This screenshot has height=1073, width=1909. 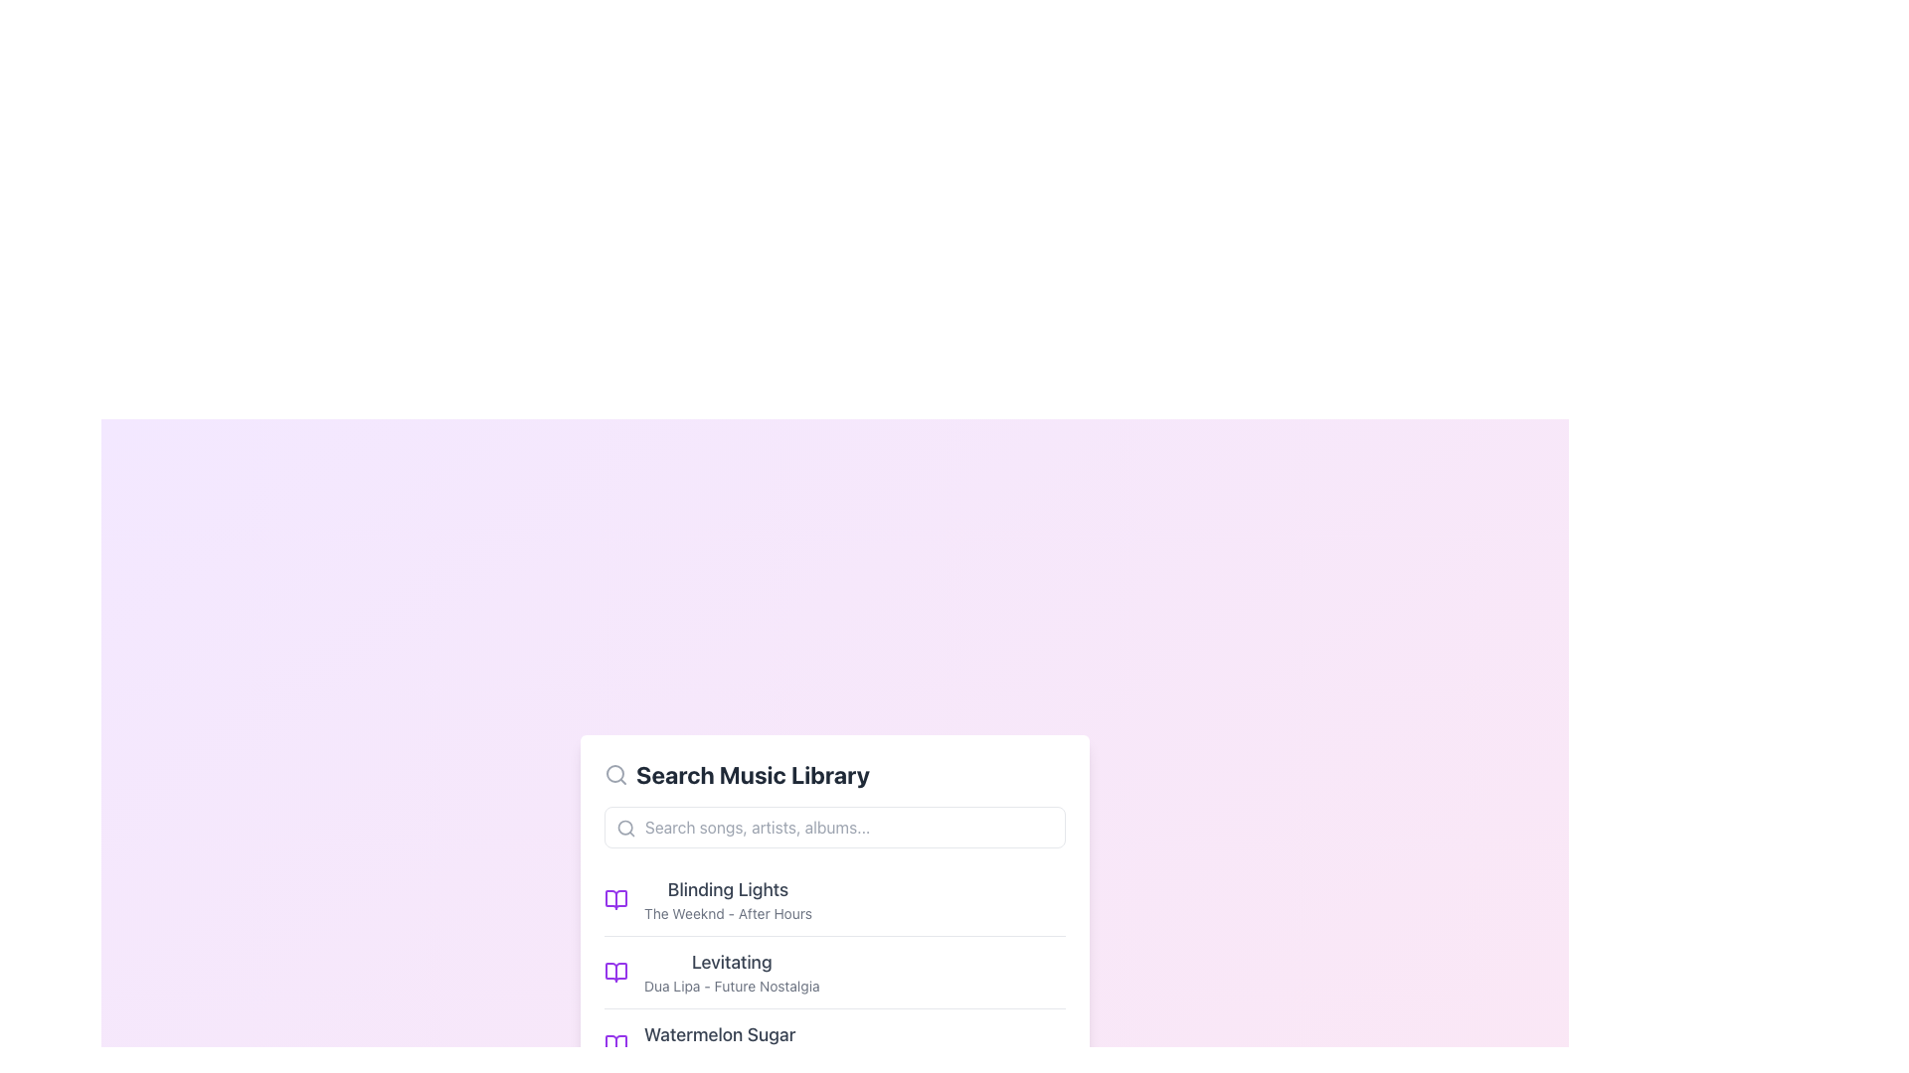 What do you see at coordinates (614, 773) in the screenshot?
I see `the search icon represented by a gray magnifying glass located to the left of the 'Search Music Library' title` at bounding box center [614, 773].